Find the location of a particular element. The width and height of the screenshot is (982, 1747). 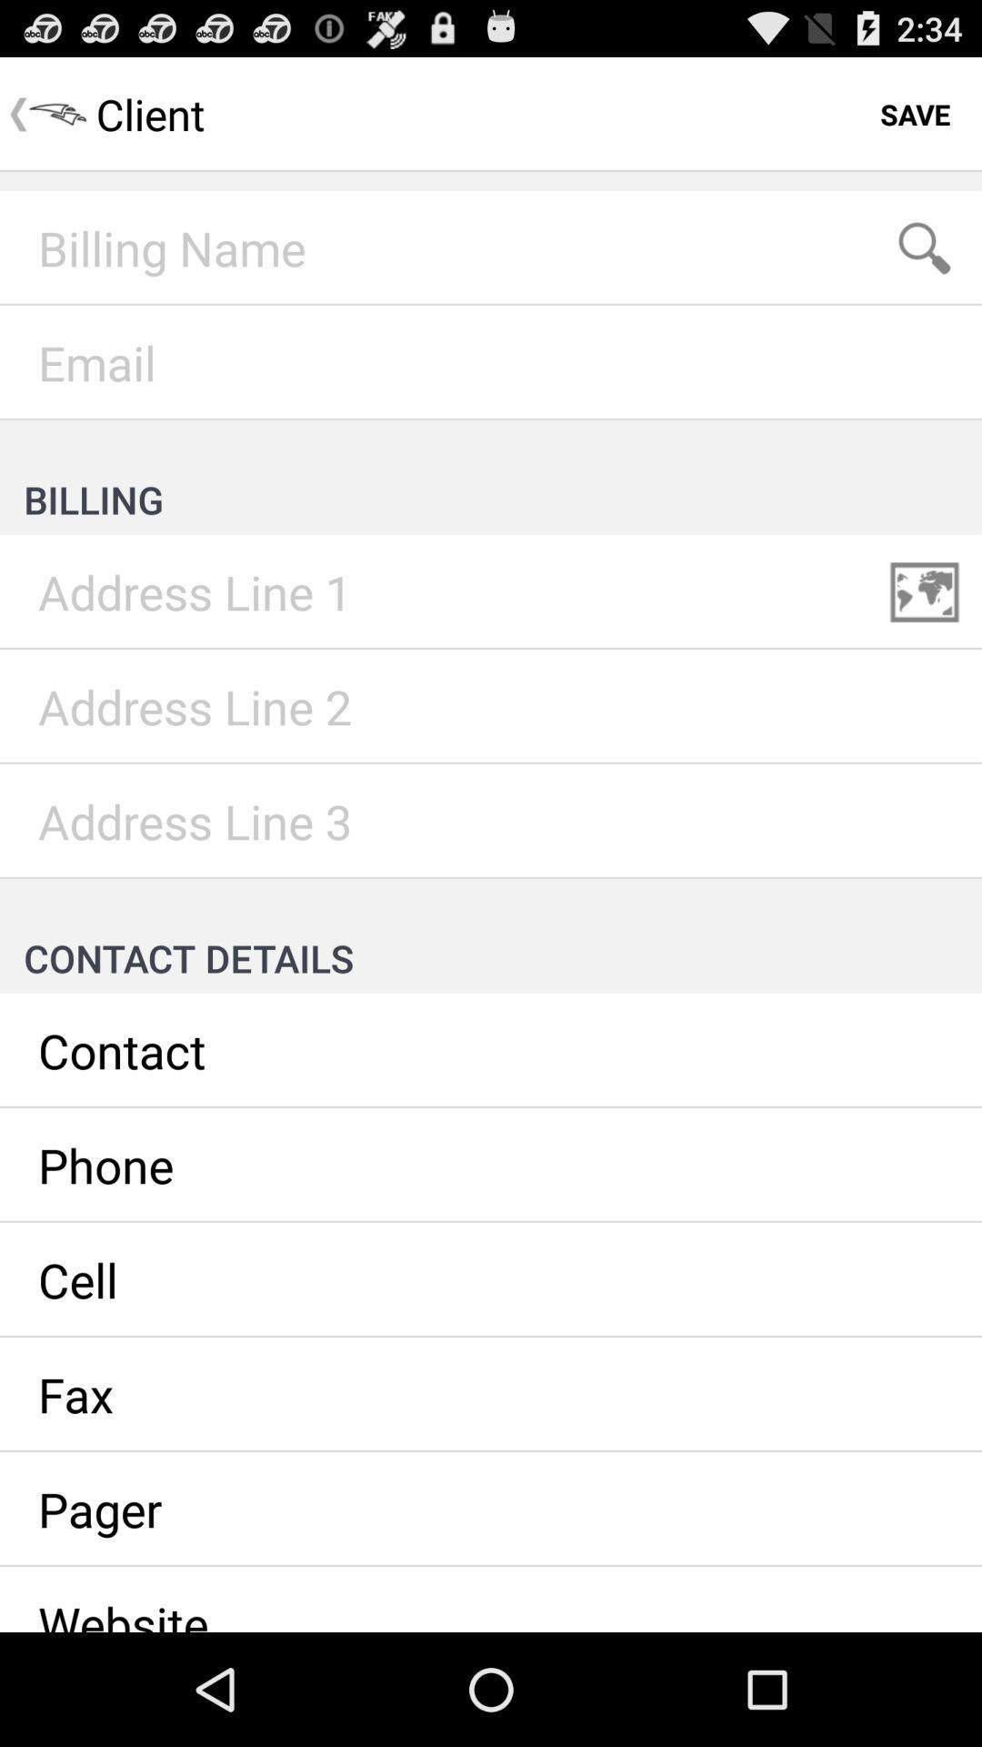

the pager is located at coordinates (491, 1510).